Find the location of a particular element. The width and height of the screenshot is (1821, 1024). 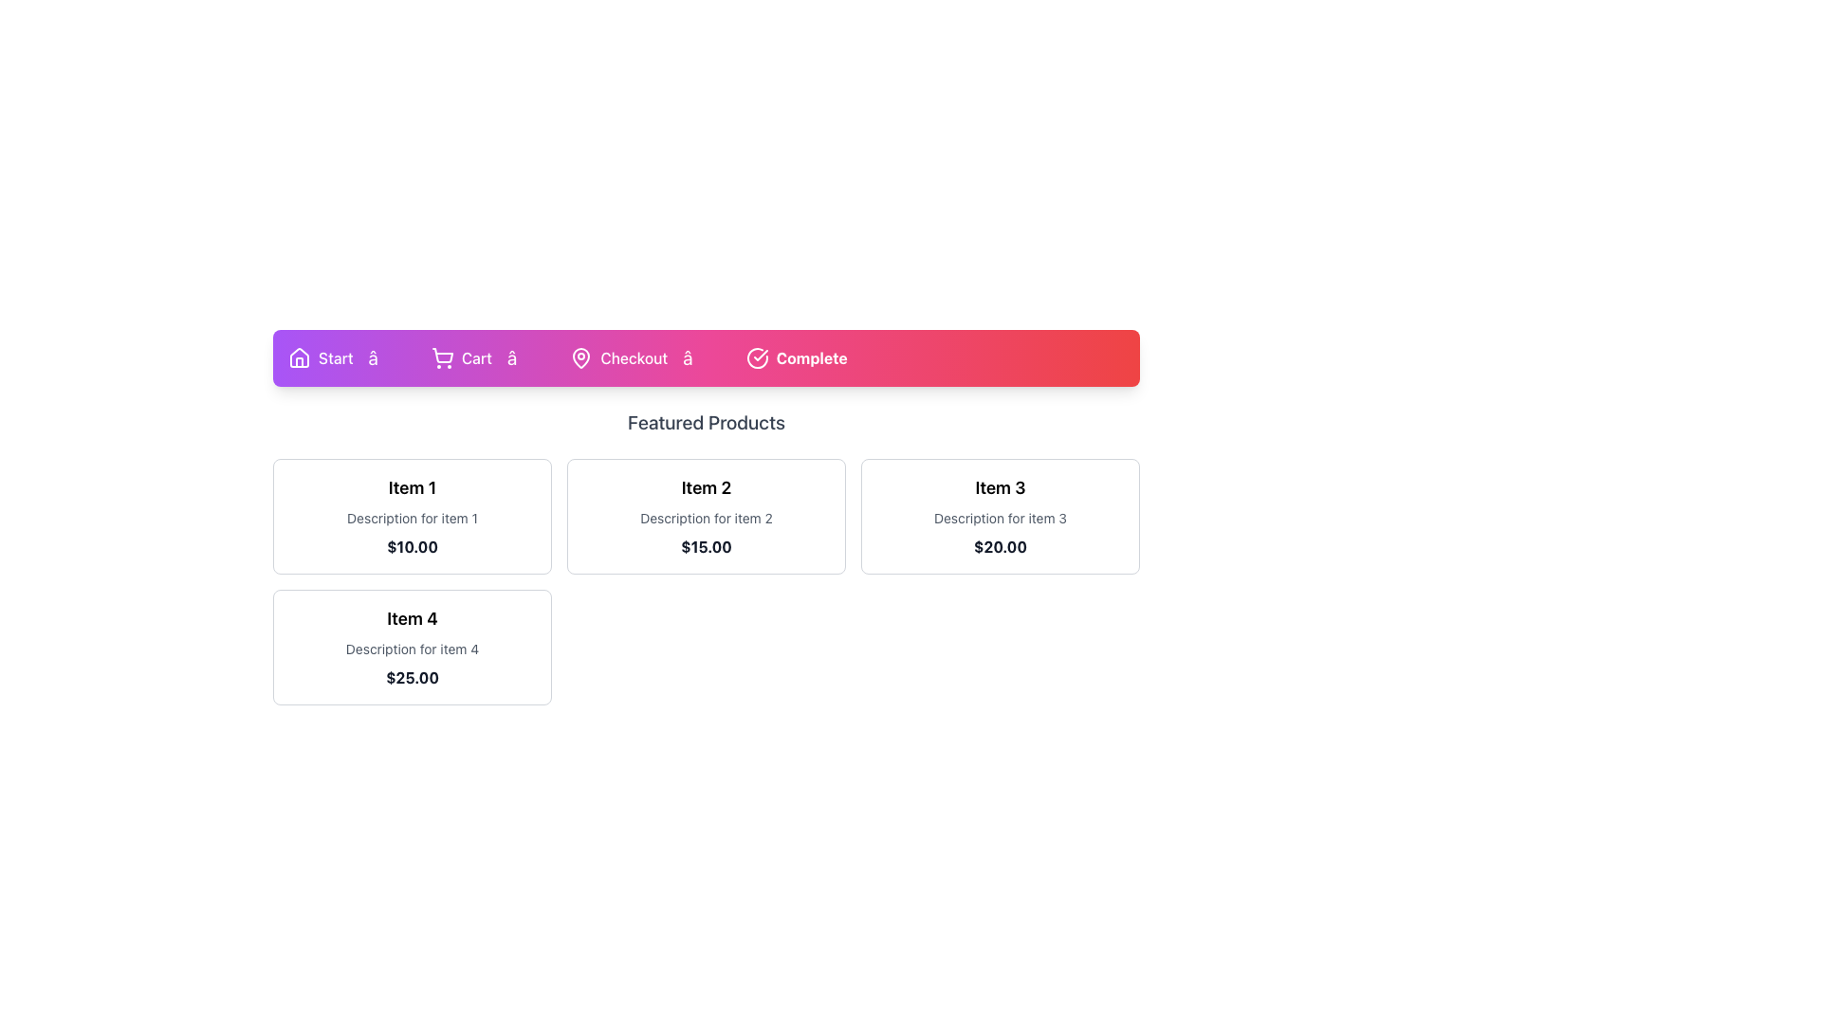

the rightward arrow symbol 'â→', which is the second navigation separator in the sequence located at the top center of the interface is located at coordinates (391, 358).